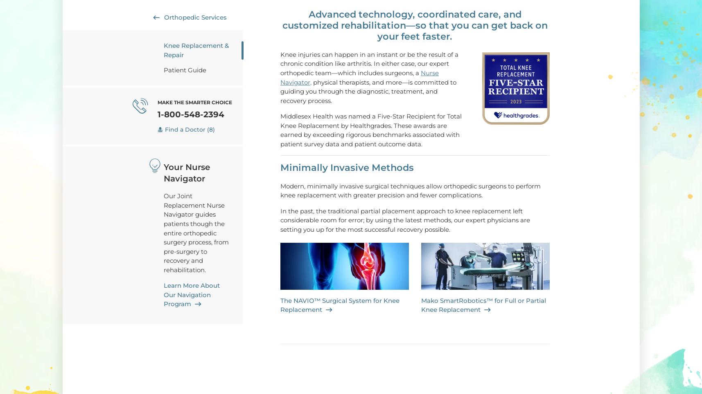 This screenshot has height=394, width=702. What do you see at coordinates (280, 91) in the screenshot?
I see `'physical therapists, and more—is committed to guiding you through the diagnostic, treatment, and recovery process.'` at bounding box center [280, 91].